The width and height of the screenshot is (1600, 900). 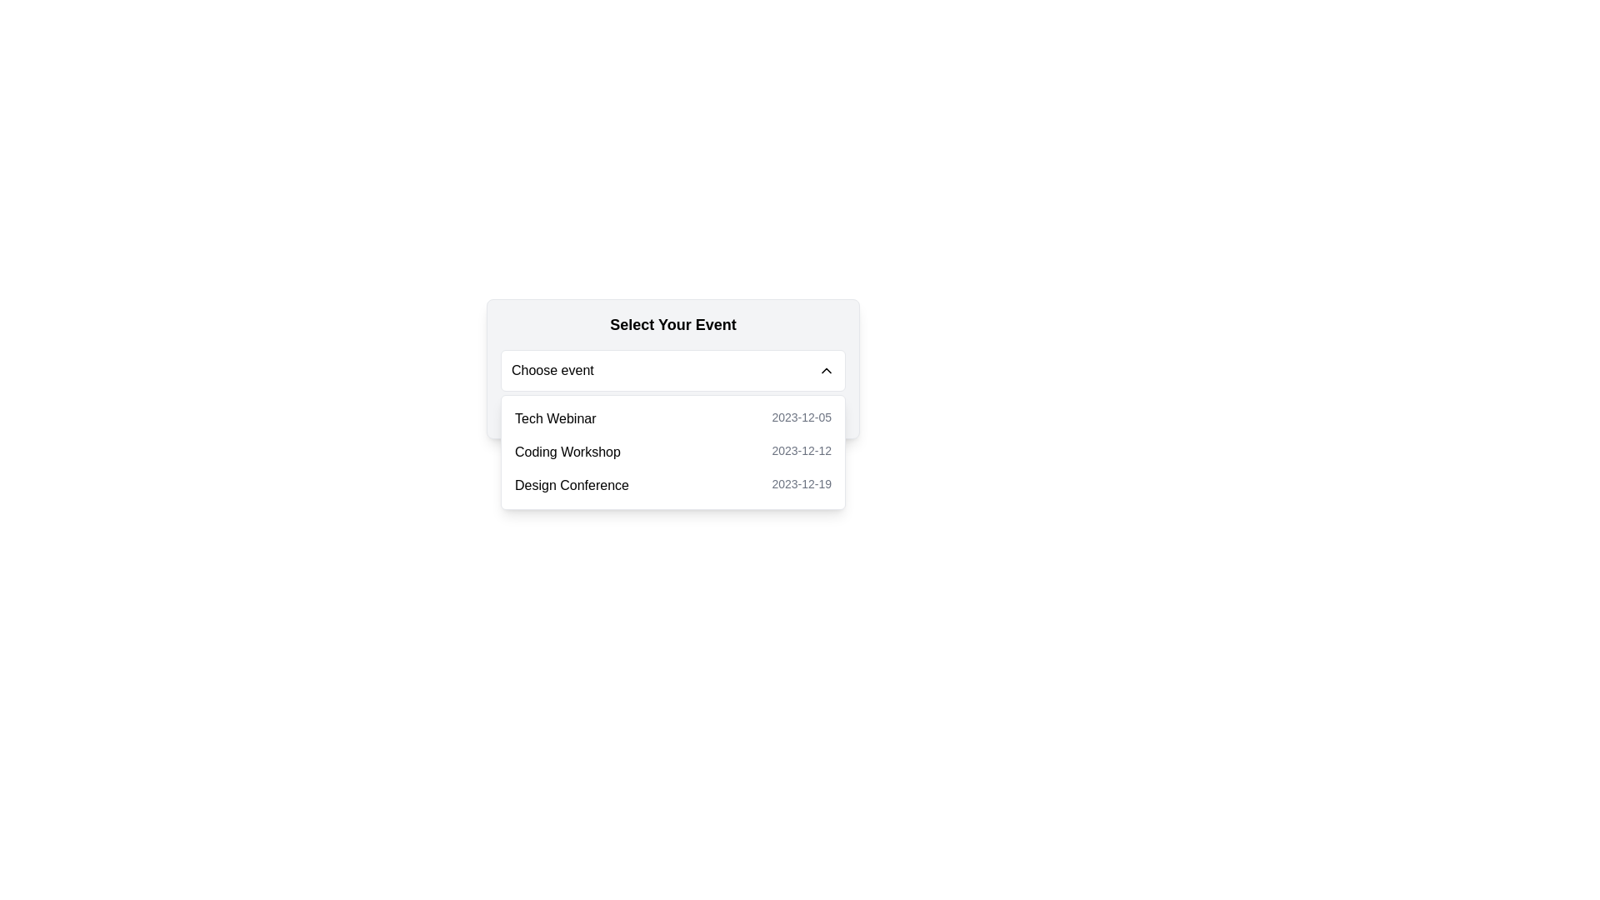 I want to click on the static text label displaying 'Choose event' located in the top section of a dropdown-like interface, so click(x=552, y=369).